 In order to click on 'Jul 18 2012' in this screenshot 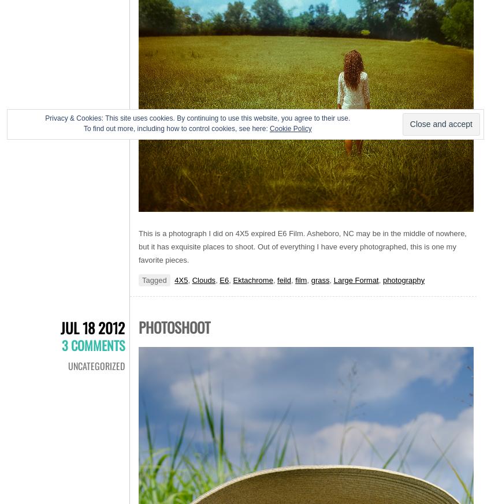, I will do `click(92, 327)`.